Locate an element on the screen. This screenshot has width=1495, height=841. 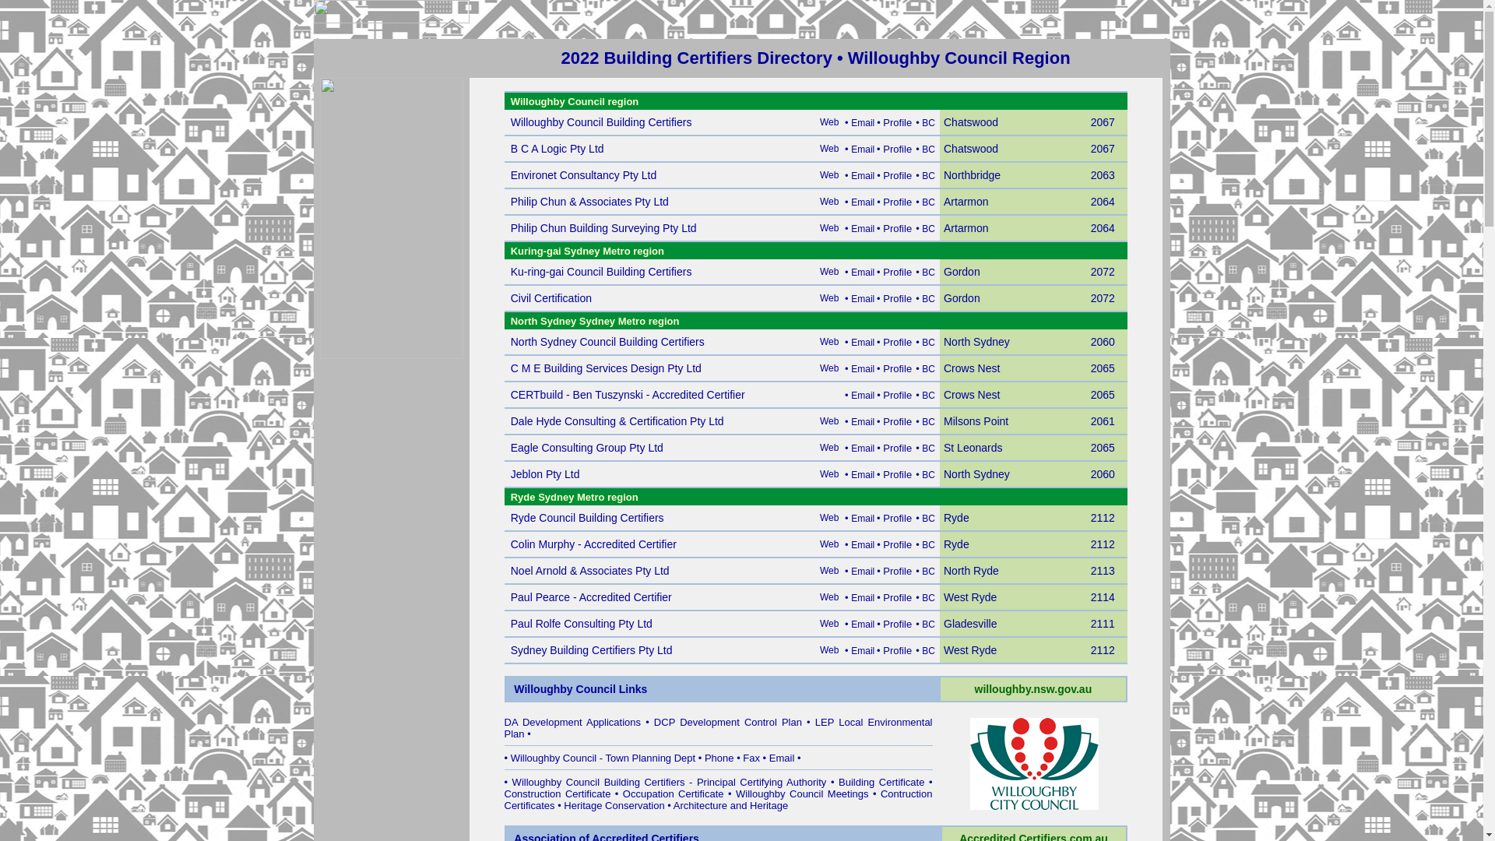
'North Sydney Sydney Metro region' is located at coordinates (594, 319).